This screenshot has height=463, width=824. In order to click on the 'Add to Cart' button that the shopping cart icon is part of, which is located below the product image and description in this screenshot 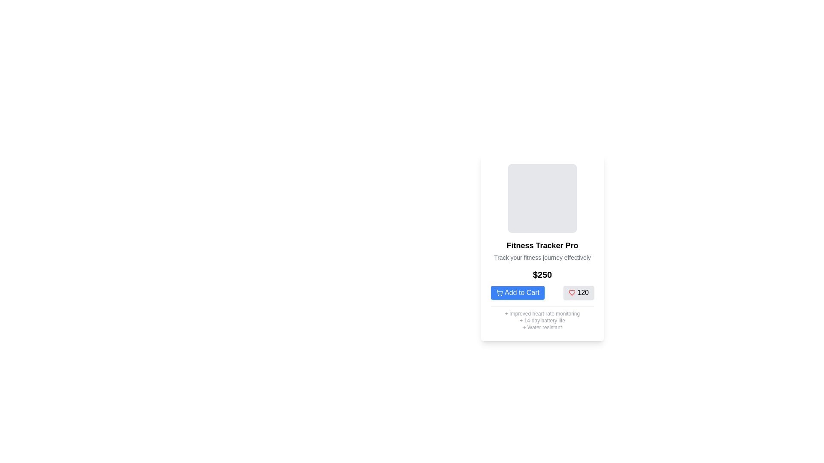, I will do `click(499, 292)`.